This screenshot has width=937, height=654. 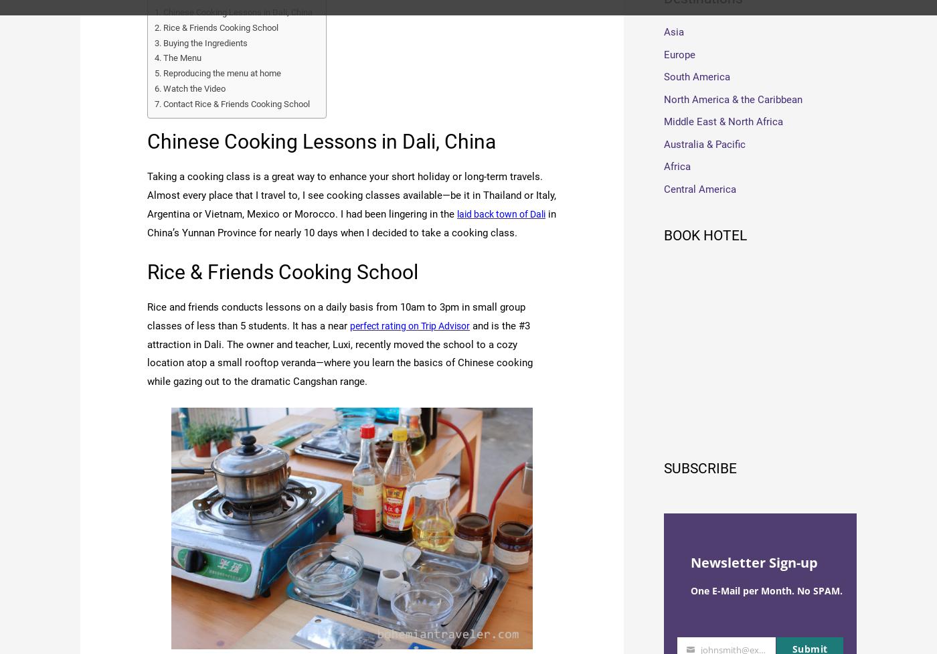 I want to click on 'The Menu', so click(x=184, y=57).